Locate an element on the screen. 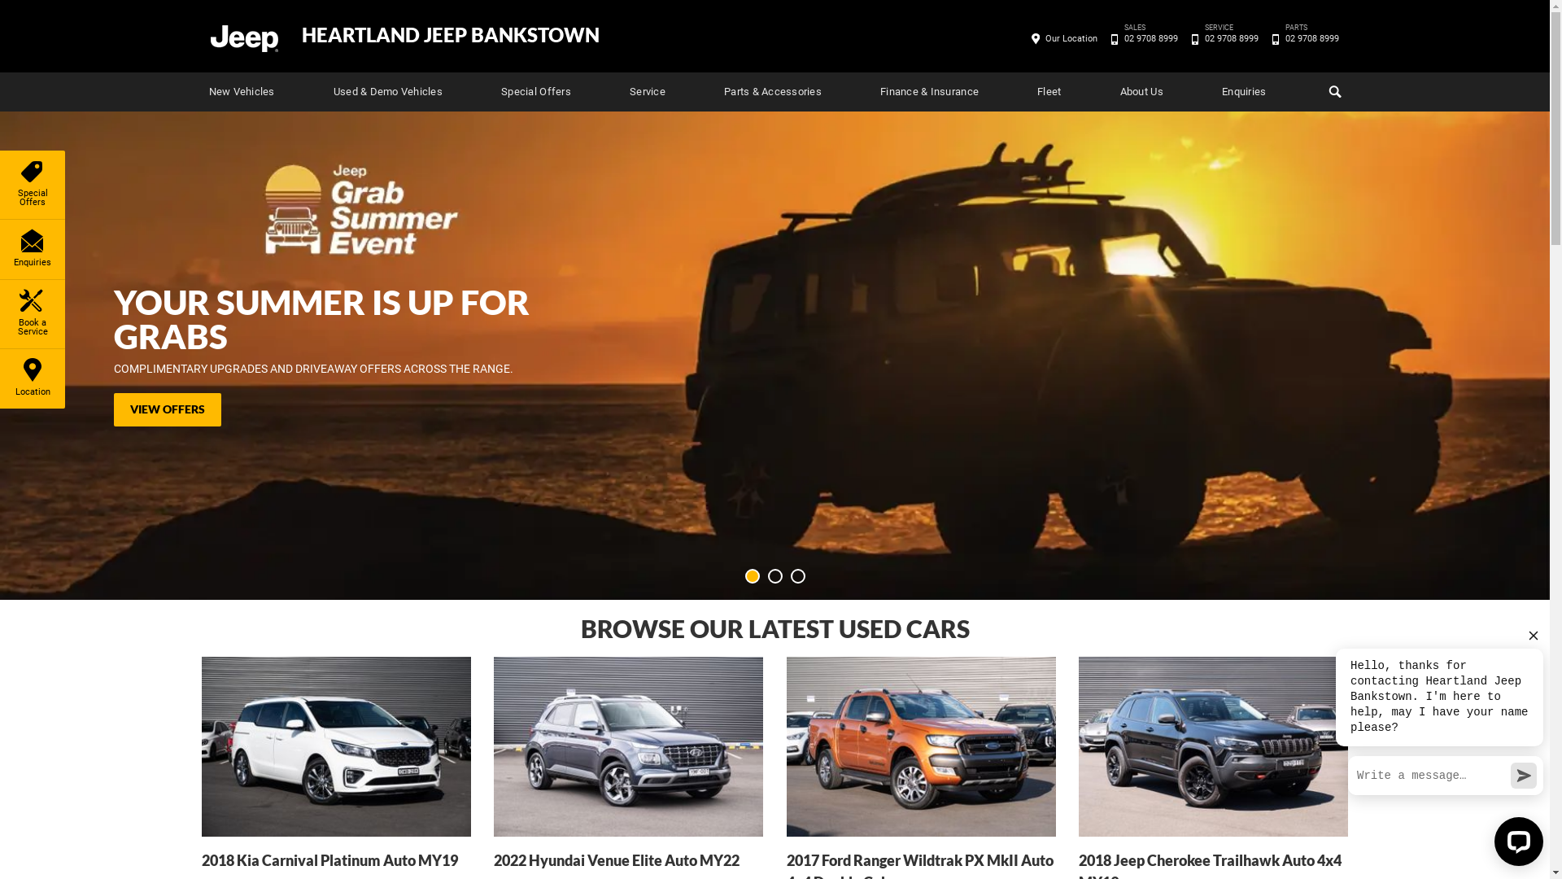 The image size is (1562, 879). 'VIEW OFFERS' is located at coordinates (168, 409).